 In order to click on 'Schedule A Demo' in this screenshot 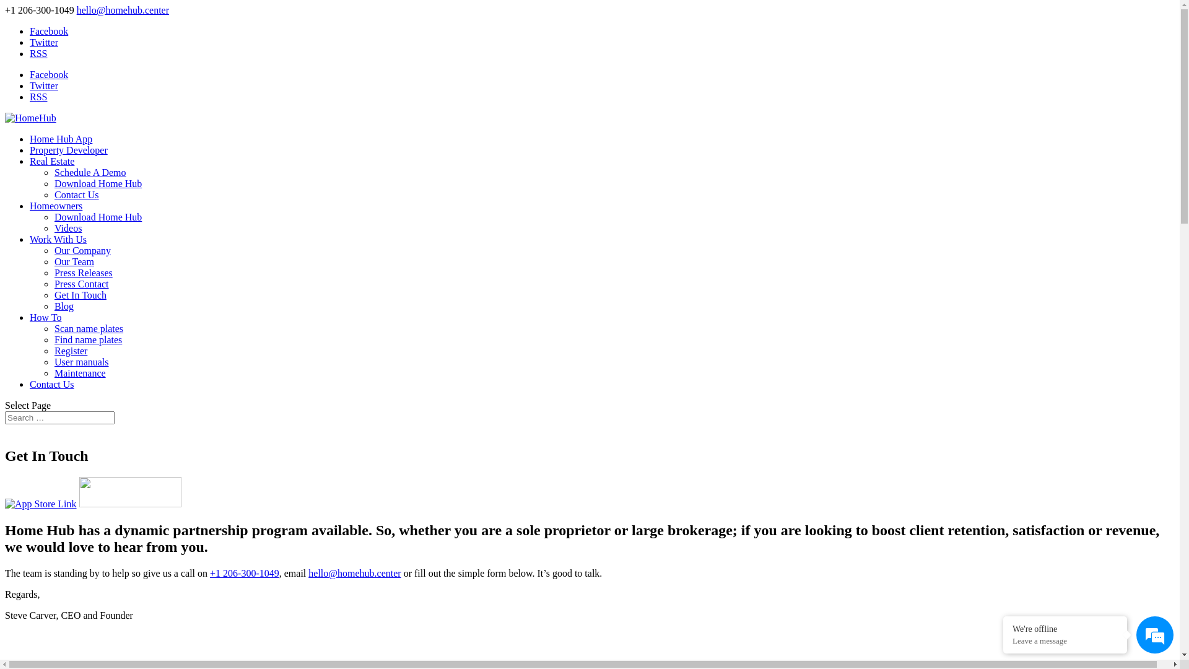, I will do `click(89, 172)`.